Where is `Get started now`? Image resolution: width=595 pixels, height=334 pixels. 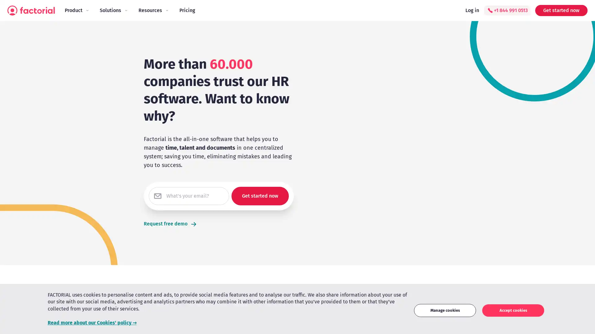 Get started now is located at coordinates (260, 196).